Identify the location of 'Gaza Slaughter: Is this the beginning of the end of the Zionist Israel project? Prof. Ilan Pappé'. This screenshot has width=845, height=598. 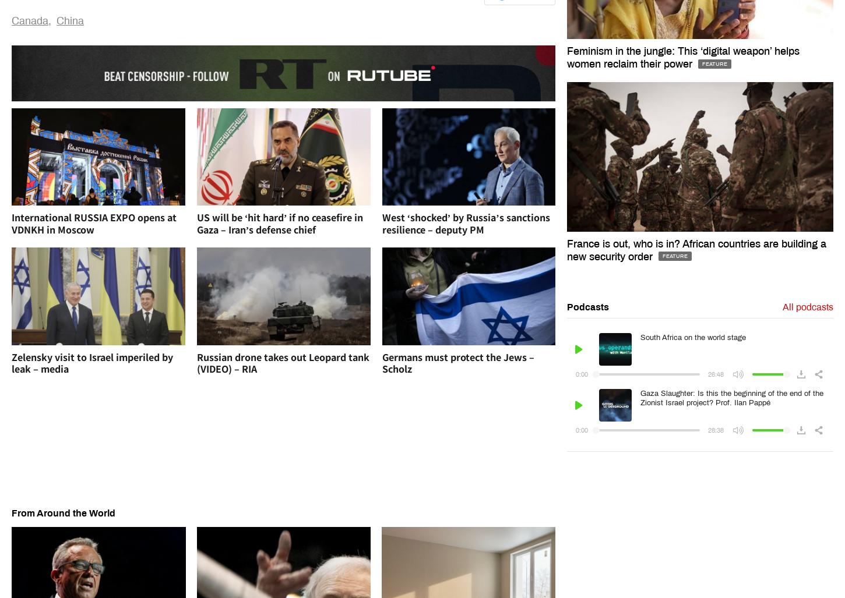
(731, 397).